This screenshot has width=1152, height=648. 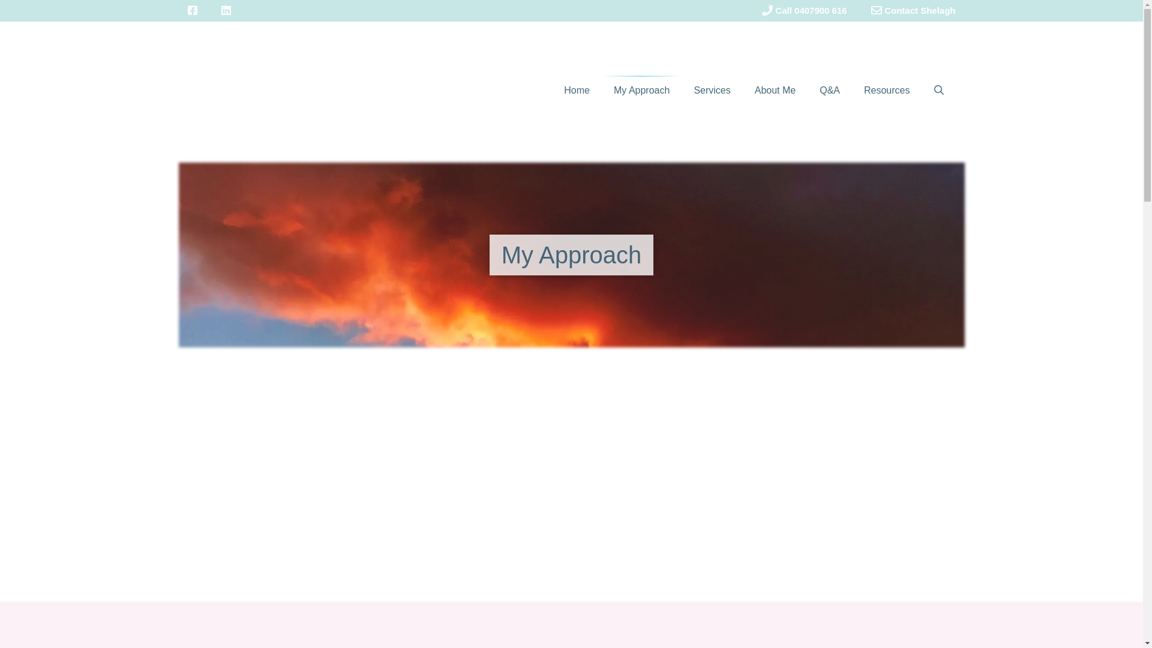 I want to click on 'Home', so click(x=577, y=89).